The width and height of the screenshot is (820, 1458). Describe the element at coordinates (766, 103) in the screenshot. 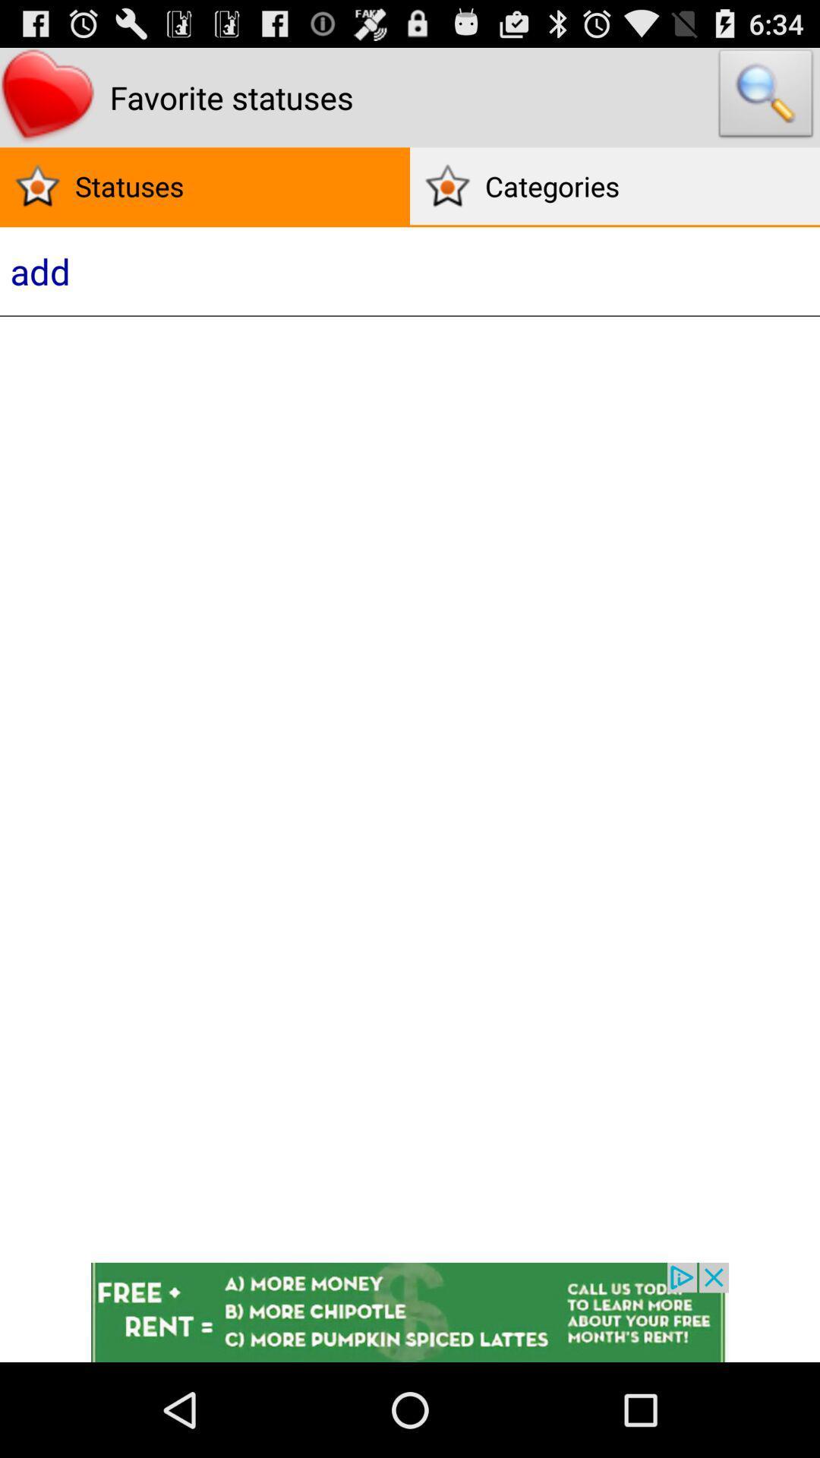

I see `the search icon` at that location.